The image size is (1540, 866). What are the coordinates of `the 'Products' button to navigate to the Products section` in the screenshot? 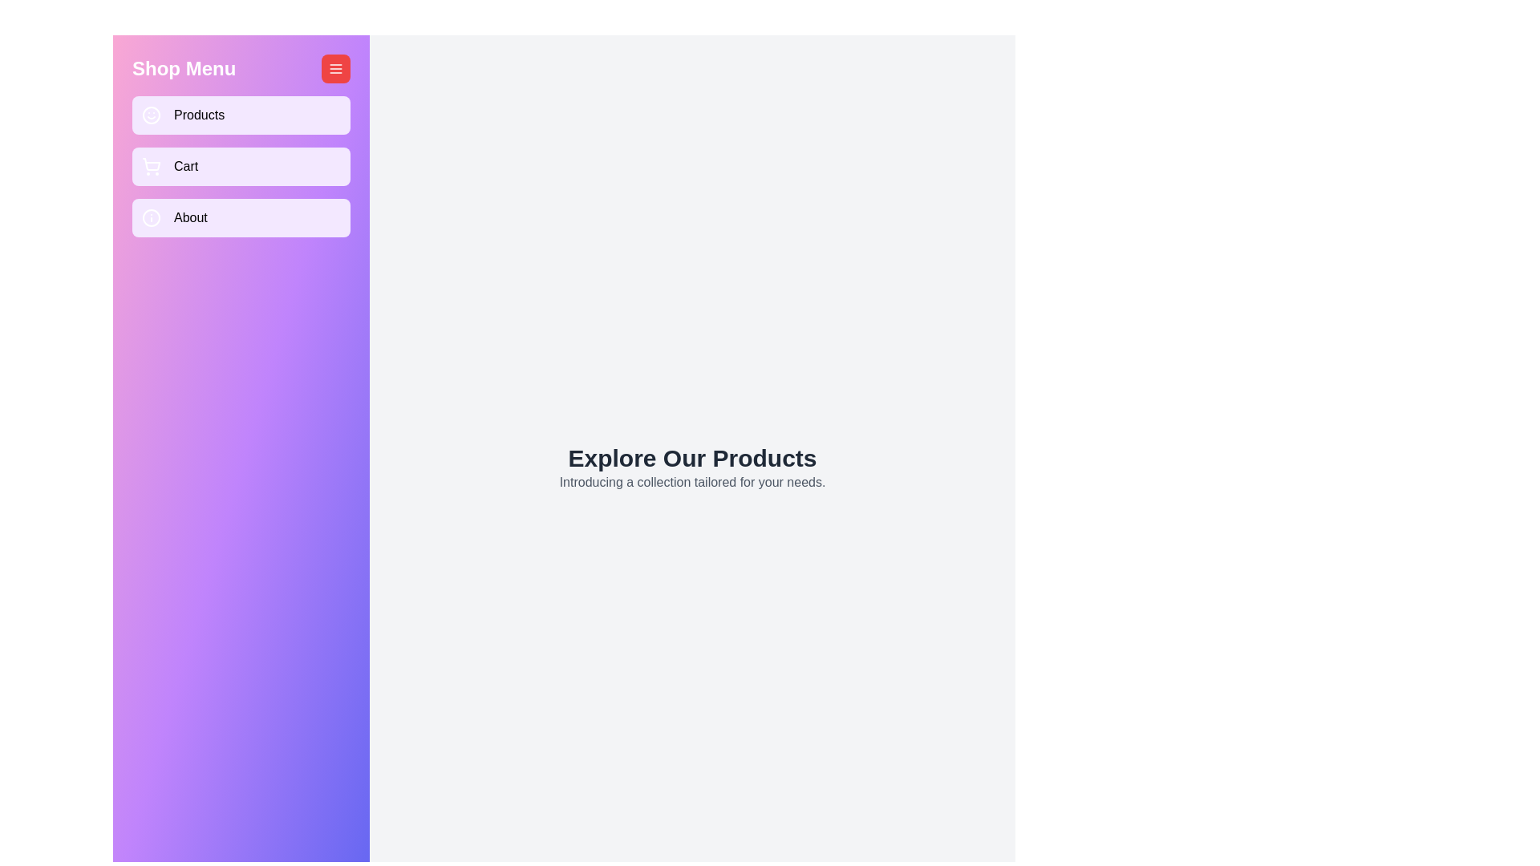 It's located at (241, 114).